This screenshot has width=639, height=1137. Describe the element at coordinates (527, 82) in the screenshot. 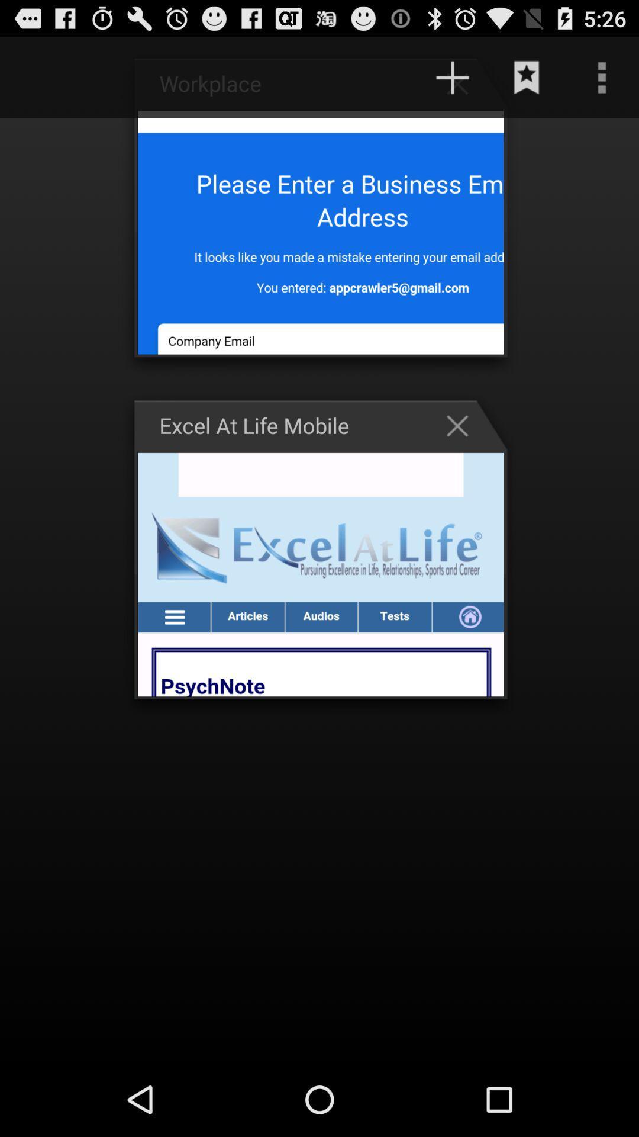

I see `the bookmark icon` at that location.